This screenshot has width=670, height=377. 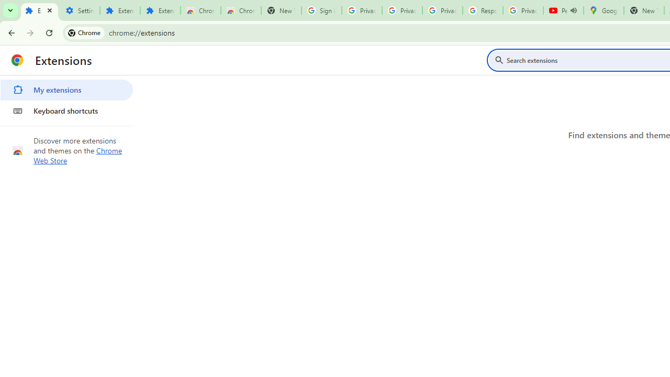 What do you see at coordinates (66, 90) in the screenshot?
I see `'My extensions'` at bounding box center [66, 90].